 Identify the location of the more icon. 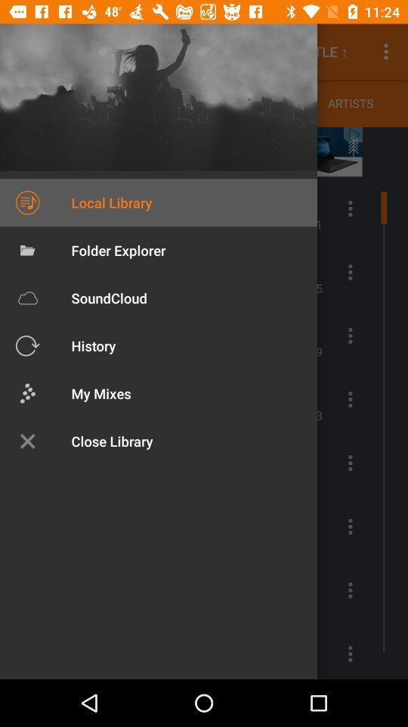
(350, 207).